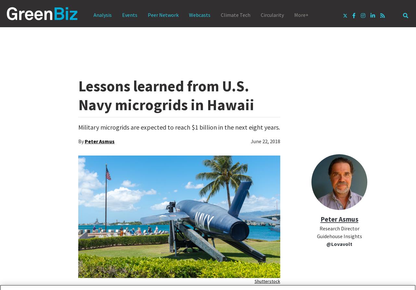 The image size is (416, 290). Describe the element at coordinates (339, 228) in the screenshot. I see `'Research Director'` at that location.